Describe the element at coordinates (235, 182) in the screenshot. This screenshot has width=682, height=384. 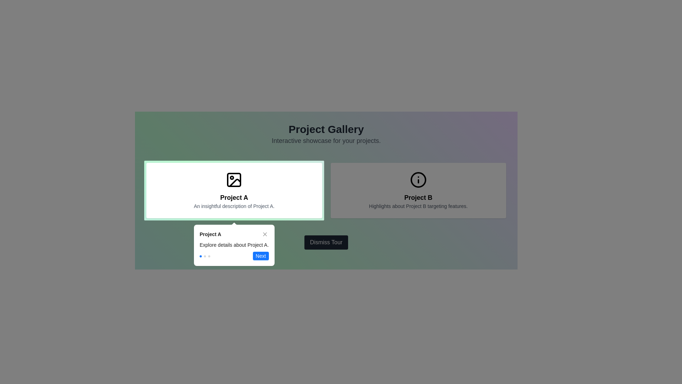
I see `the SVG icon component that represents an image icon, which is part of the 'Project A' card and includes a slope line segment within a rounded square frame` at that location.